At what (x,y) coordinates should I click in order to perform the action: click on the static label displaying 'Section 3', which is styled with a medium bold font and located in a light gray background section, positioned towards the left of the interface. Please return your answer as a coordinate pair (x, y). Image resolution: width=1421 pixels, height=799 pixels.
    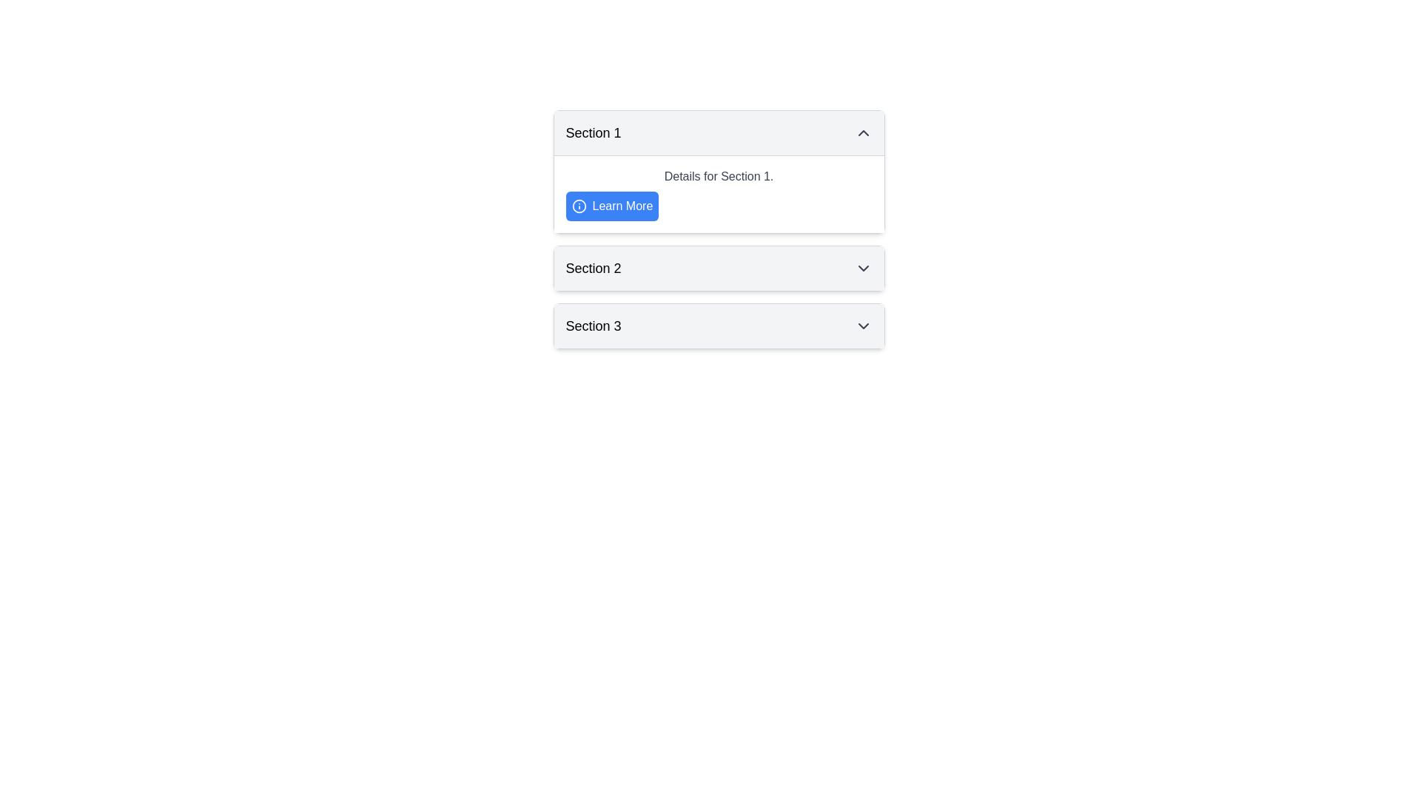
    Looking at the image, I should click on (593, 325).